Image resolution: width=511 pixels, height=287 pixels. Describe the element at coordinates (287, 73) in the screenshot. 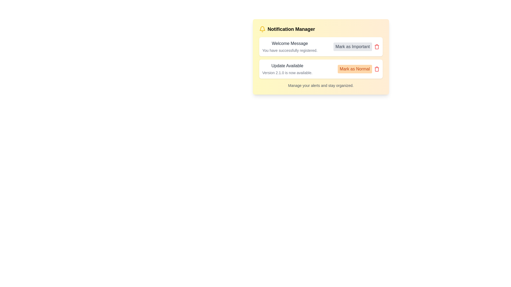

I see `the gray-colored text string that displays 'Version 2.1.0 is now available.' located under the heading 'Update Available'` at that location.